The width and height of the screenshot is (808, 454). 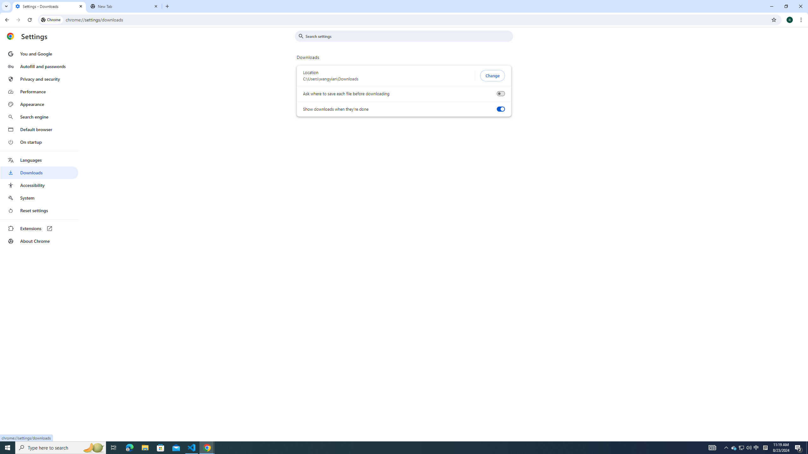 What do you see at coordinates (500, 109) in the screenshot?
I see `'Show downloads when they'` at bounding box center [500, 109].